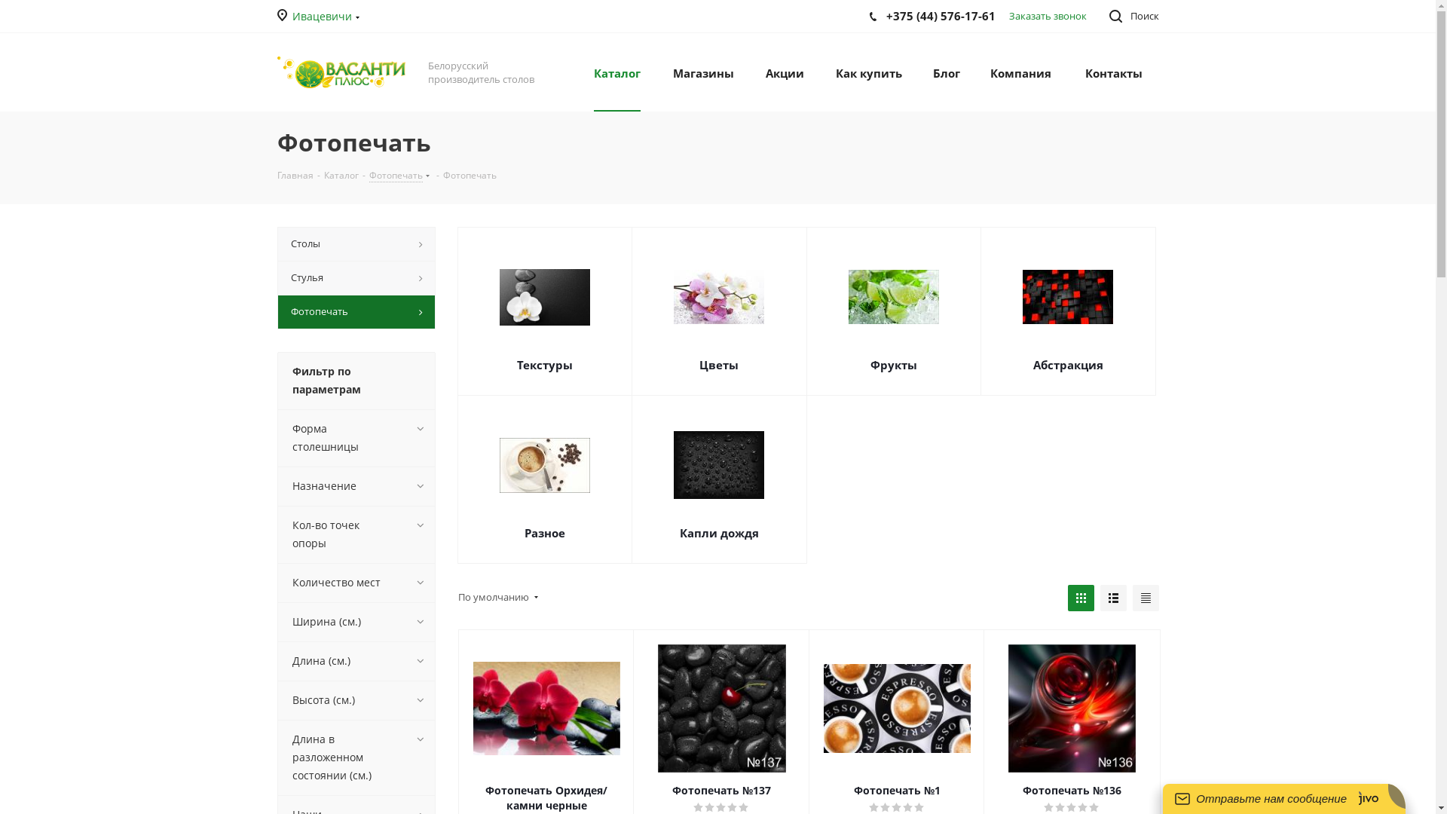  Describe the element at coordinates (874, 807) in the screenshot. I see `'1'` at that location.